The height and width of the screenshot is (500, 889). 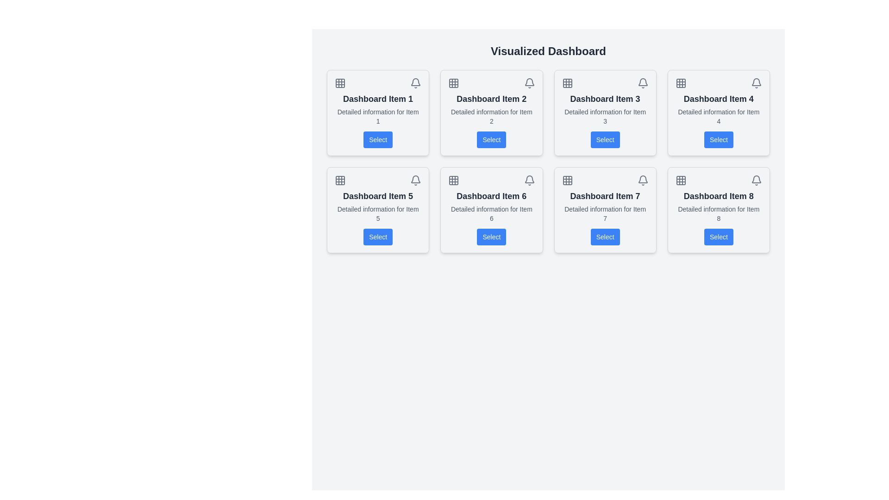 What do you see at coordinates (378, 116) in the screenshot?
I see `the text label displaying 'Detailed information for Item 1', which is positioned below the title 'Dashboard Item 1' and above the blue button labeled 'Select'` at bounding box center [378, 116].